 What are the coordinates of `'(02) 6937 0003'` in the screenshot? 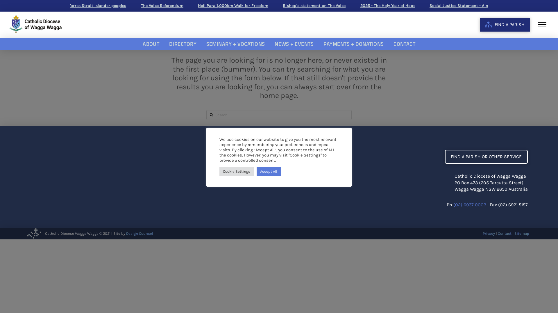 It's located at (453, 204).